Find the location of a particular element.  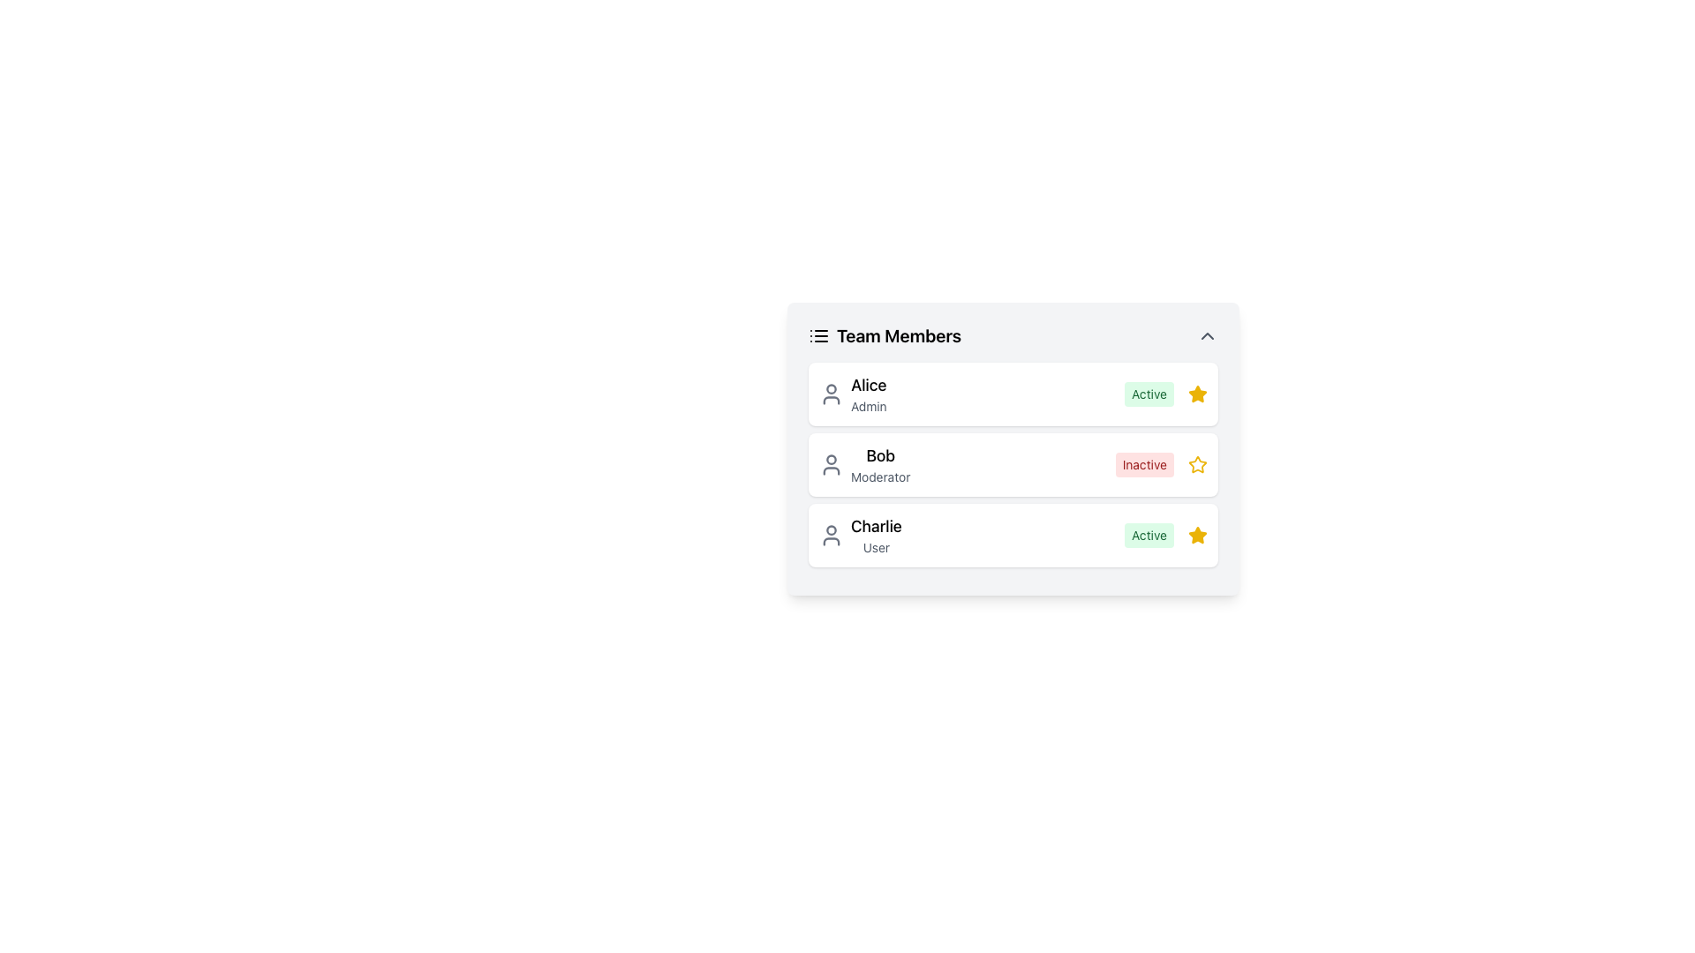

the Circle shape representing the head portion of the user profile icon, which is part of the SVG graphic located to the left of the text label 'Bob' is located at coordinates (830, 458).